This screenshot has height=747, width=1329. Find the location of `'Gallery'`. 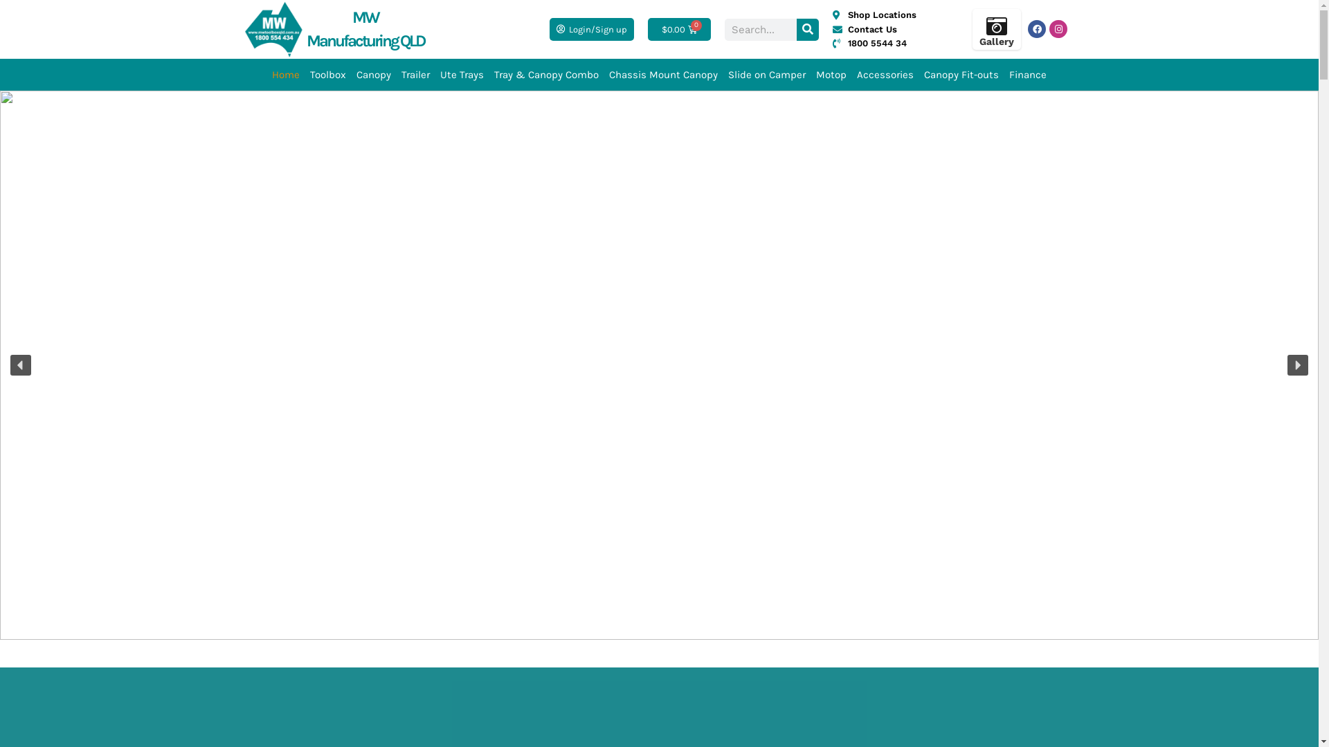

'Gallery' is located at coordinates (997, 41).